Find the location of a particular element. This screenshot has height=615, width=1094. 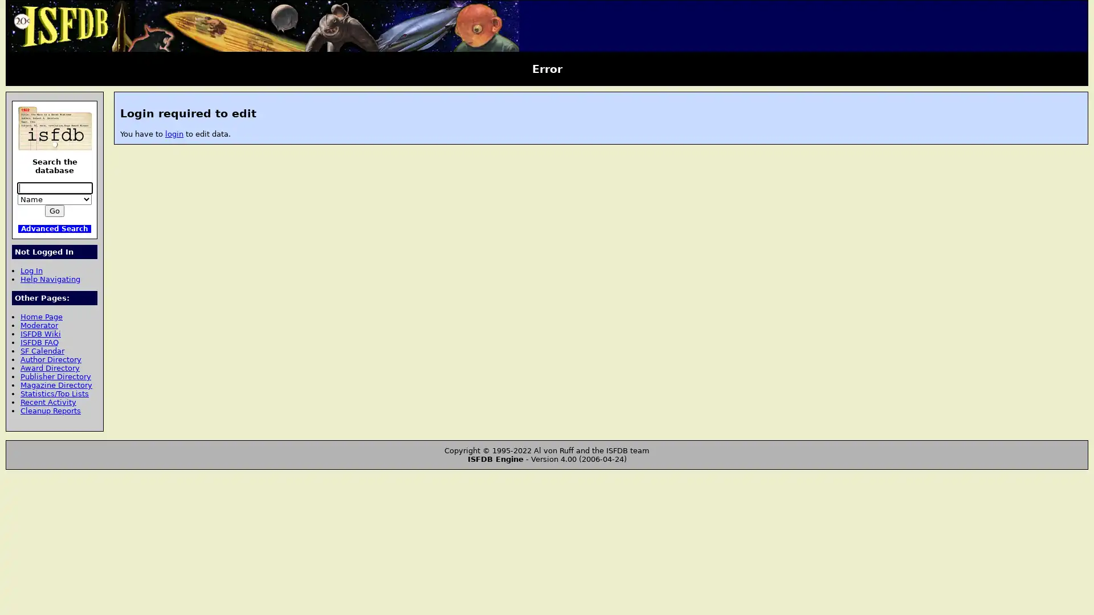

Go is located at coordinates (54, 211).